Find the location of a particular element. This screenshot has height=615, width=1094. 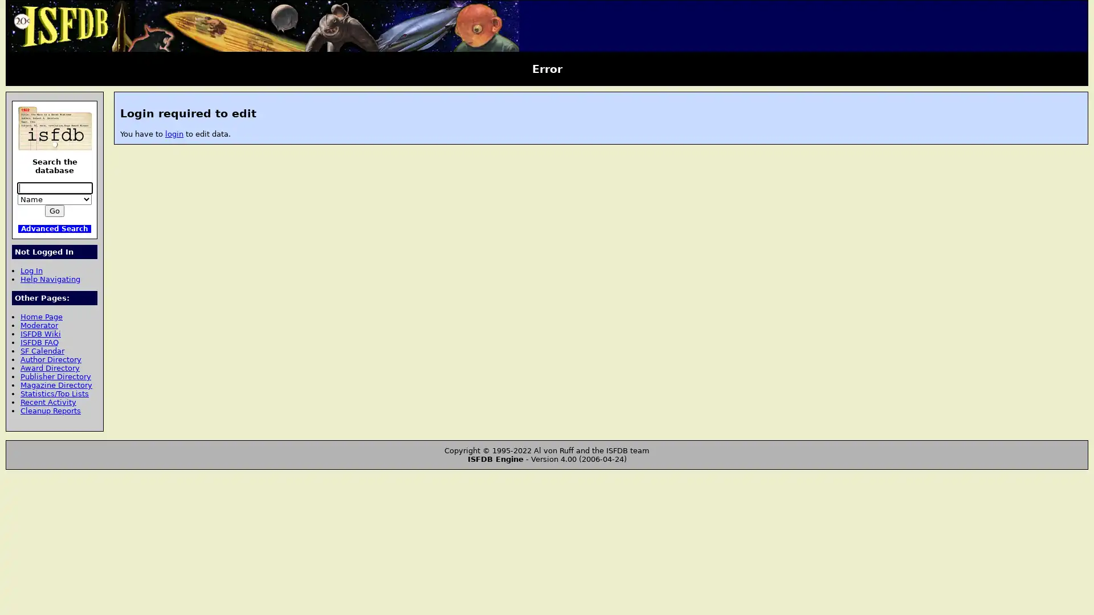

Go is located at coordinates (54, 211).